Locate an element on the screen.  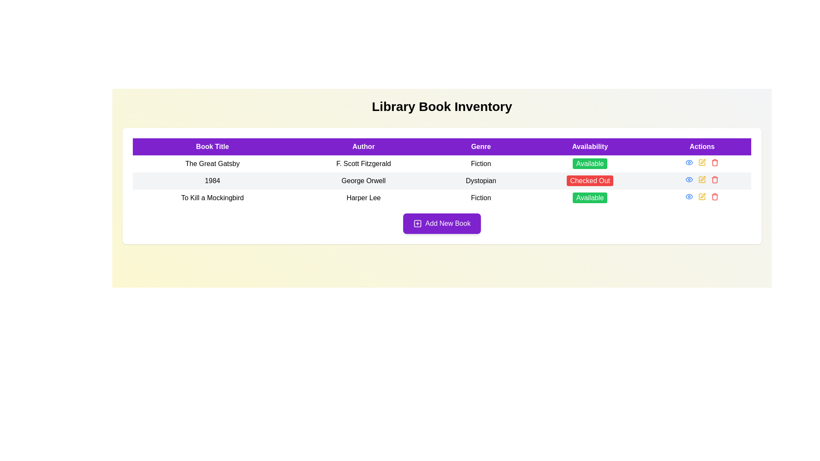
the red button labeled 'Checked Out' in the 'Availability' column for the book '1984'. This button is distinguished by its color and text style, making it stand out from the green buttons is located at coordinates (589, 180).